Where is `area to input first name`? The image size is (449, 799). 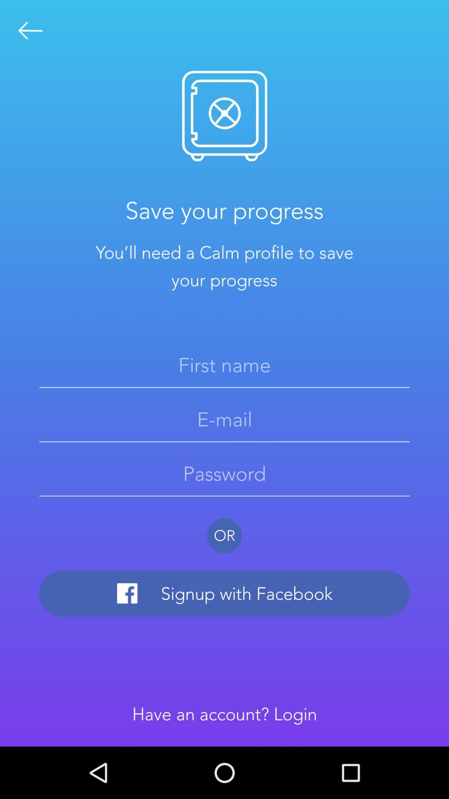
area to input first name is located at coordinates (224, 365).